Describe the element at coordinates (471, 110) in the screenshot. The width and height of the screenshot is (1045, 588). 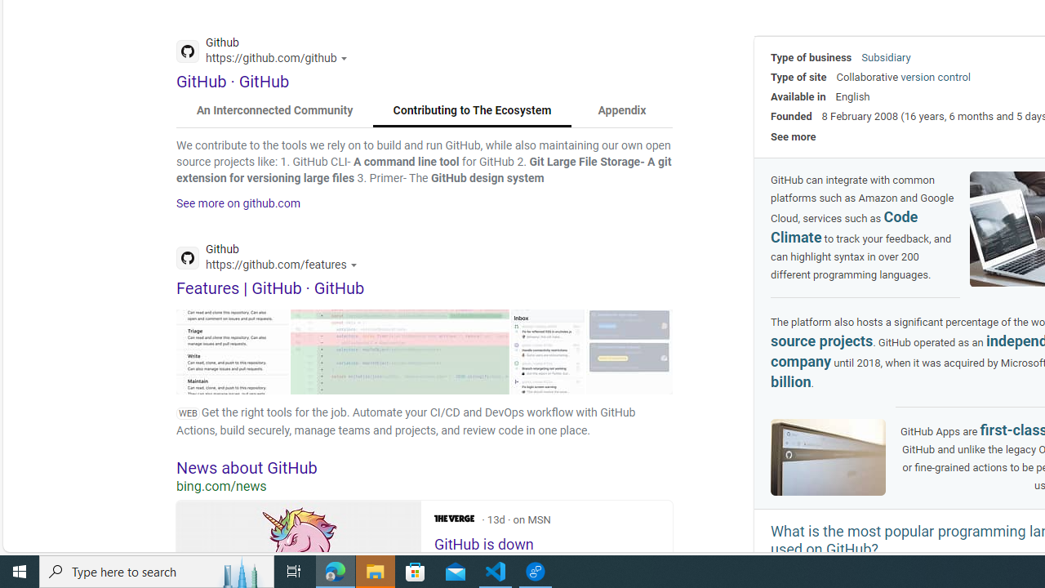
I see `'Contributing to The Ecosystem'` at that location.